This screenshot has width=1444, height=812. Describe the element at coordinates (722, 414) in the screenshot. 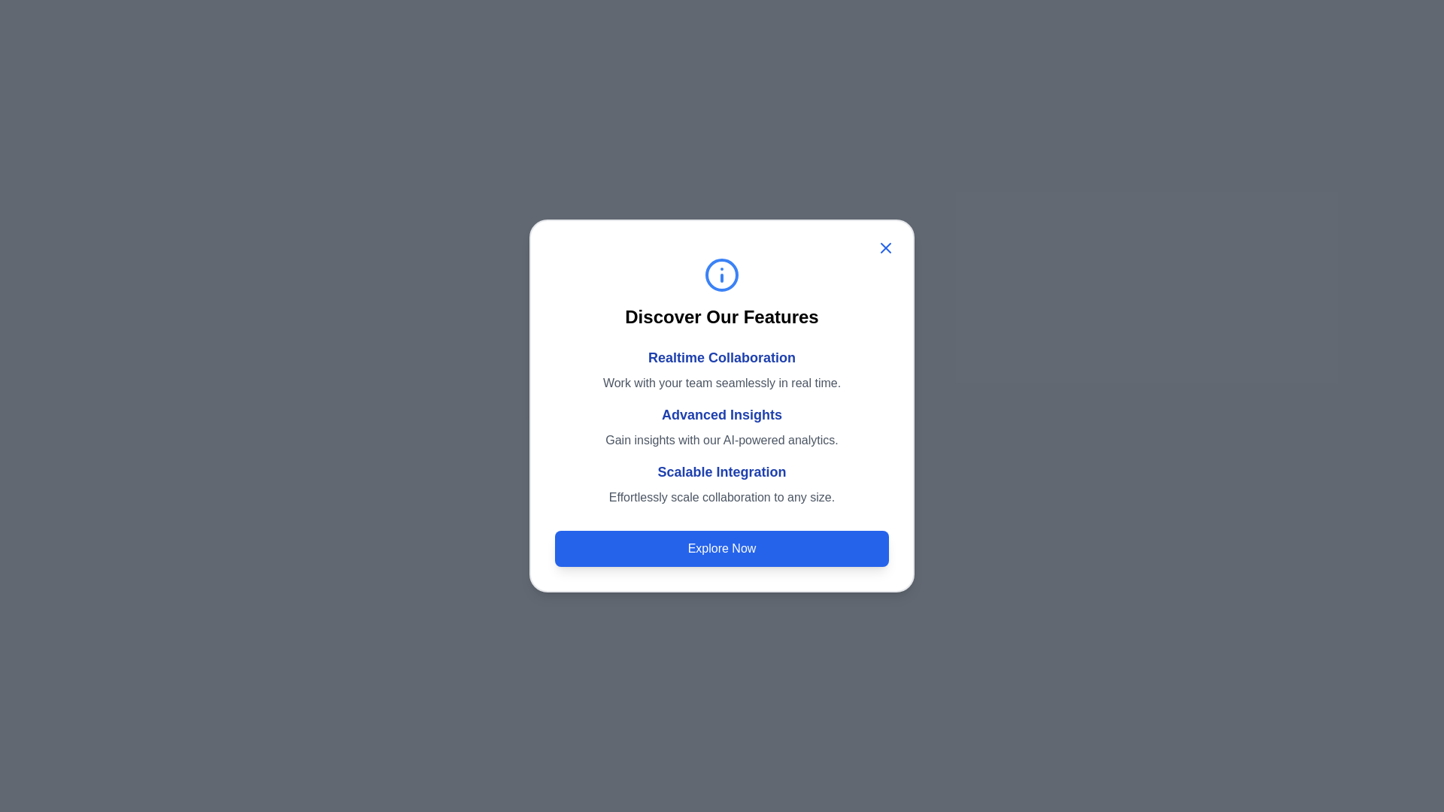

I see `the Text heading that serves as a section title summarizing the content, located centrally beneath 'Discover Our Features' and above 'Gain insights with our AI-powered analytics'` at that location.